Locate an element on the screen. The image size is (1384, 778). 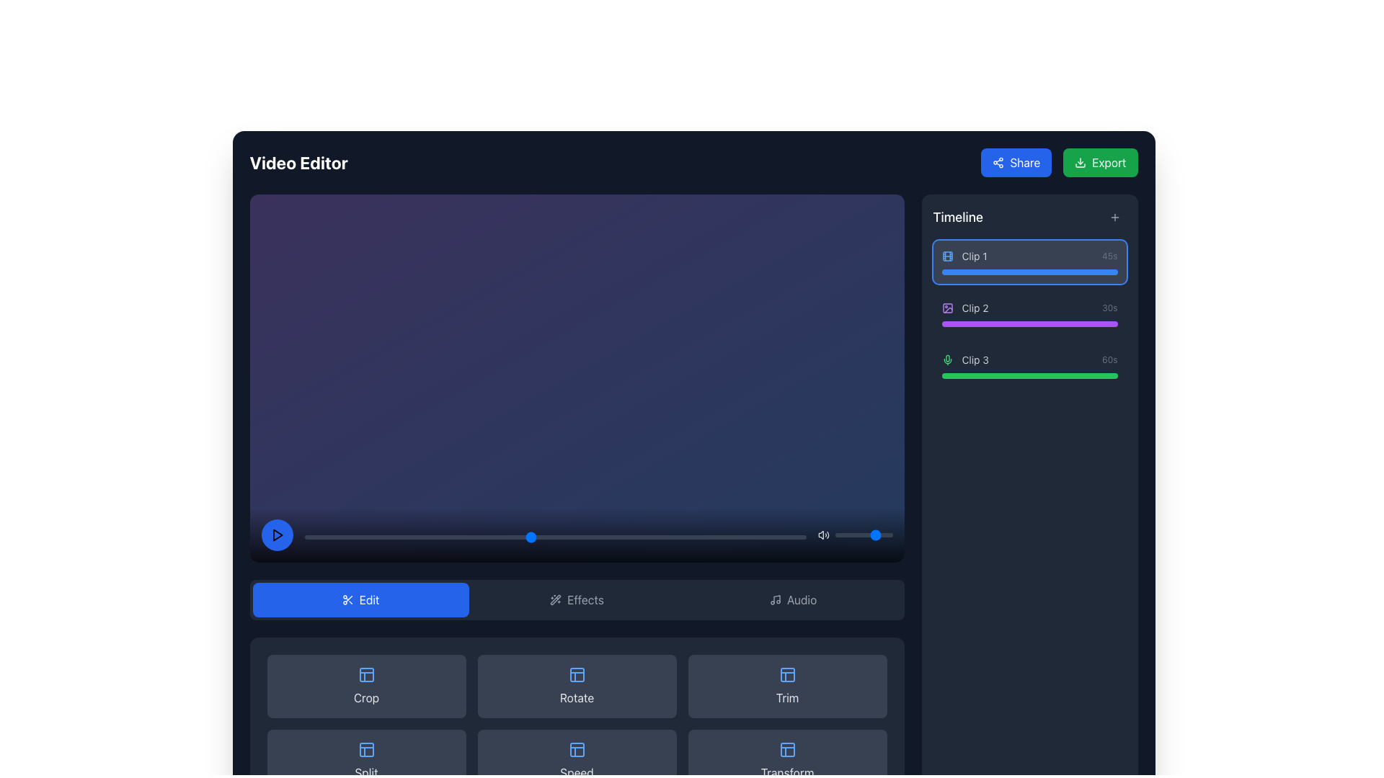
text content of the small light gray text label displaying 'Clip 2' located in the timeline section is located at coordinates (975, 308).